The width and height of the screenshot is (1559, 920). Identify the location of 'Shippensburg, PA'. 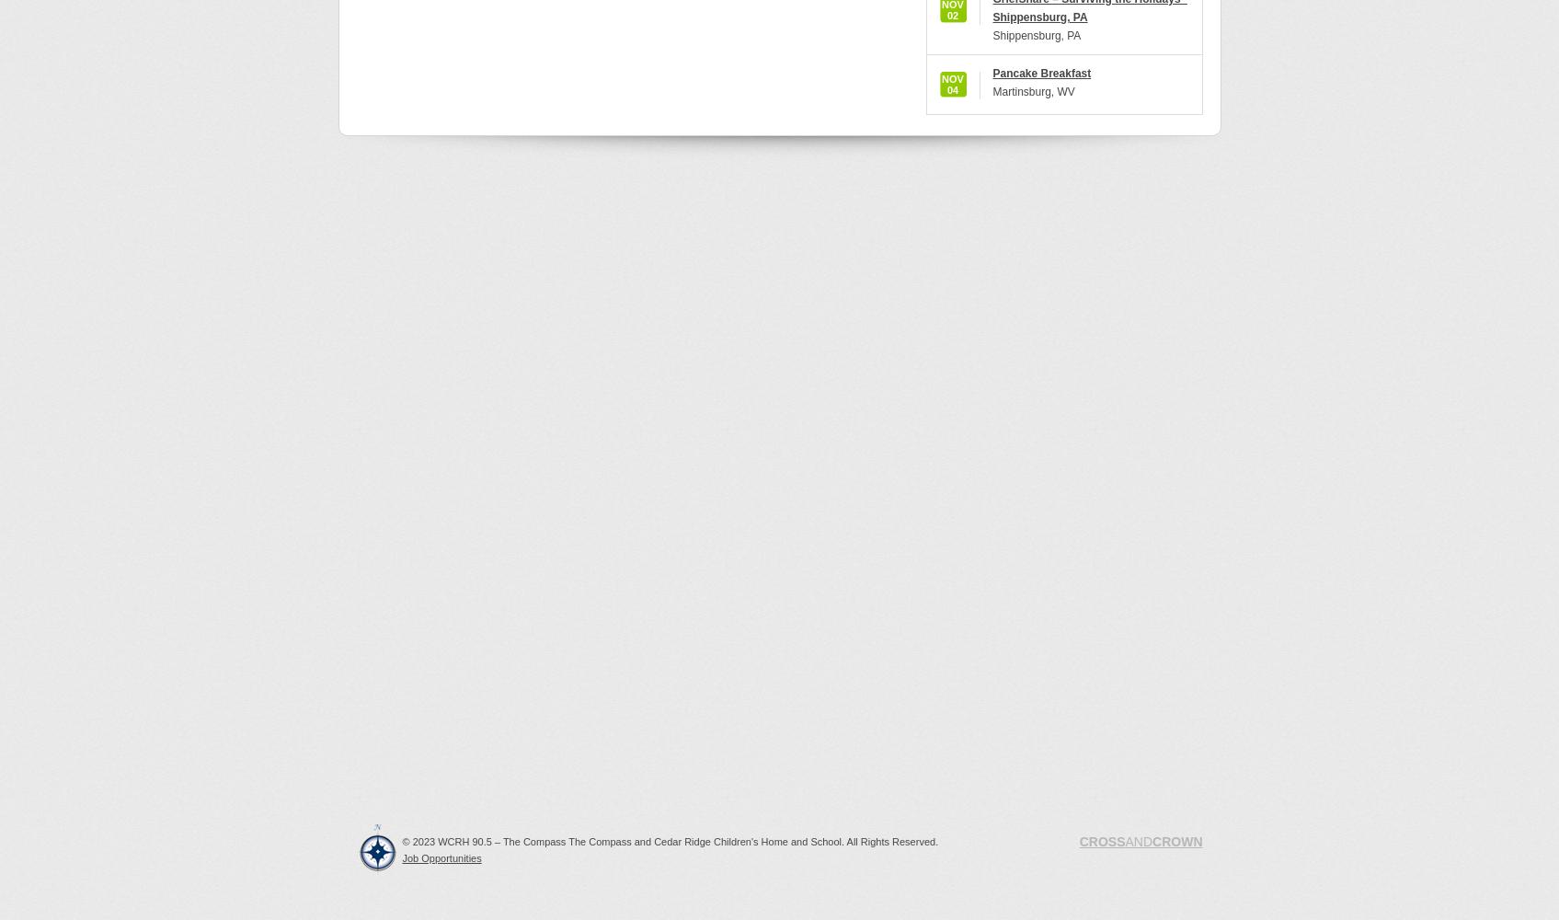
(1036, 36).